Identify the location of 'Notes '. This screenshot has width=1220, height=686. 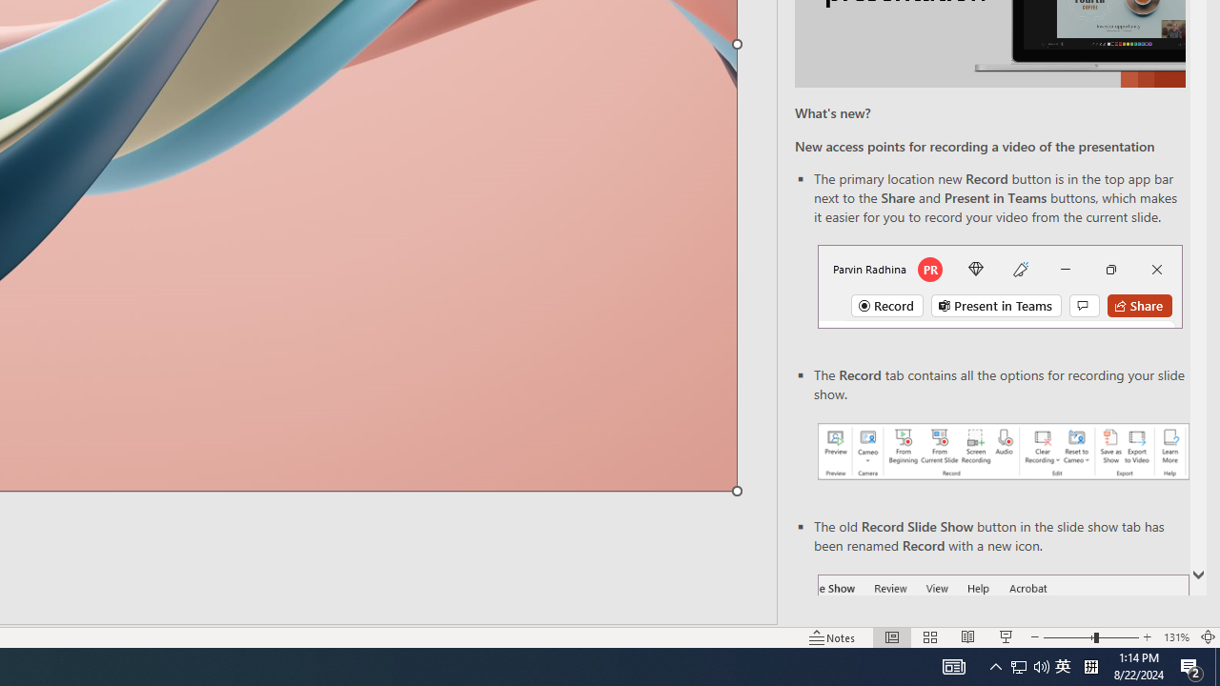
(833, 637).